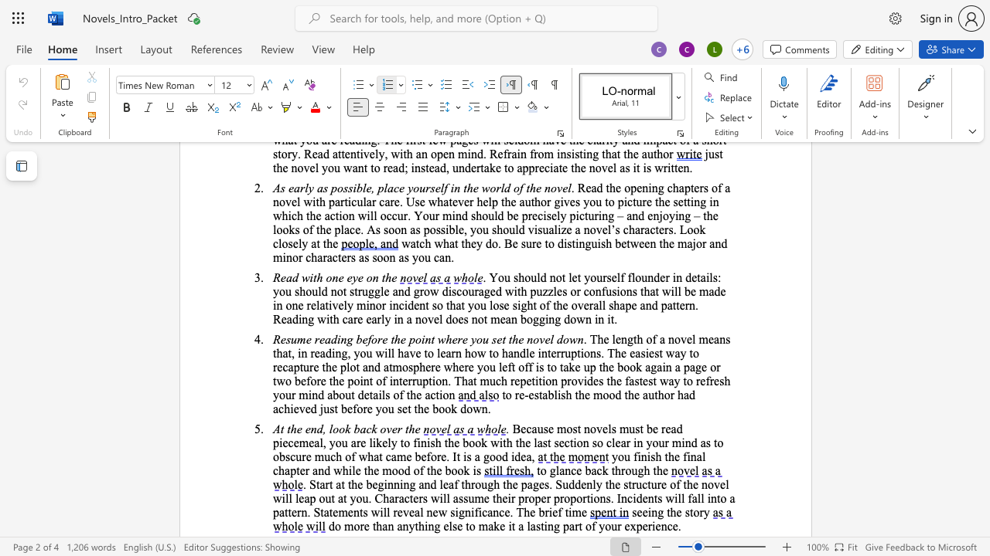 The image size is (990, 556). What do you see at coordinates (526, 456) in the screenshot?
I see `the space between the continuous character "e" and "a" in the text` at bounding box center [526, 456].